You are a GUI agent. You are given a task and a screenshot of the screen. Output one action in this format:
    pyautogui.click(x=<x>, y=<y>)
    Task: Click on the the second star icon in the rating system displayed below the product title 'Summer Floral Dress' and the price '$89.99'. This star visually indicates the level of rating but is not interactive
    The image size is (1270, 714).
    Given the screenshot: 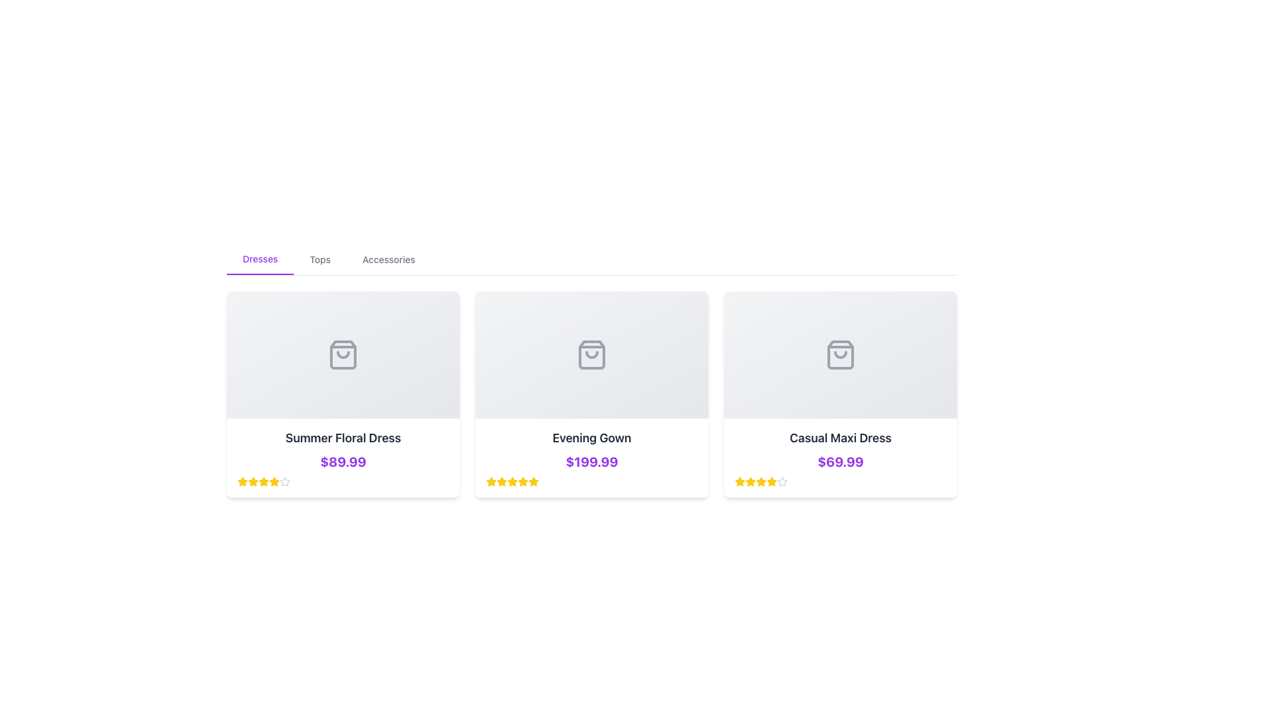 What is the action you would take?
    pyautogui.click(x=253, y=481)
    